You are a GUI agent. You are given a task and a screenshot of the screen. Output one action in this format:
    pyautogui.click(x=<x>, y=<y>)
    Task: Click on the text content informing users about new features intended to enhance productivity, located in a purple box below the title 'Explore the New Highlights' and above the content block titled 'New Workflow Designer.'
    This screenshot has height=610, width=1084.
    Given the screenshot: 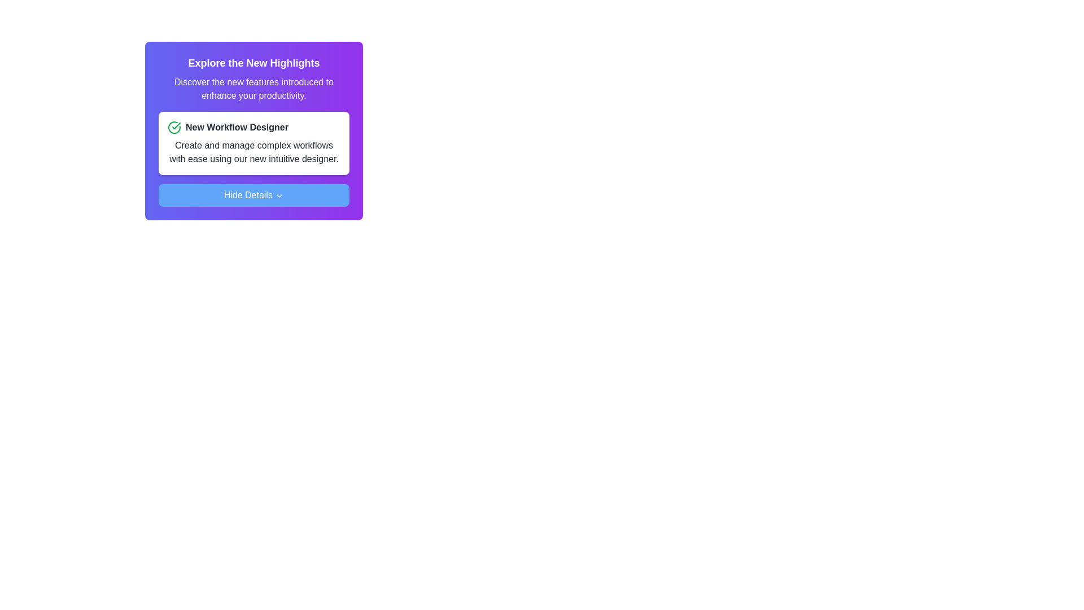 What is the action you would take?
    pyautogui.click(x=253, y=89)
    